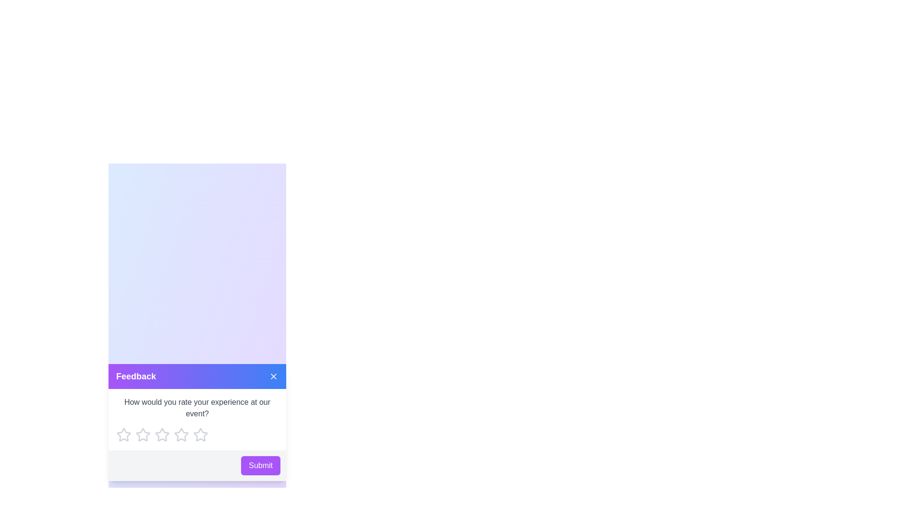 The image size is (922, 518). I want to click on the leftmost star icon in the five-star rating system to provide a rating, so click(123, 435).